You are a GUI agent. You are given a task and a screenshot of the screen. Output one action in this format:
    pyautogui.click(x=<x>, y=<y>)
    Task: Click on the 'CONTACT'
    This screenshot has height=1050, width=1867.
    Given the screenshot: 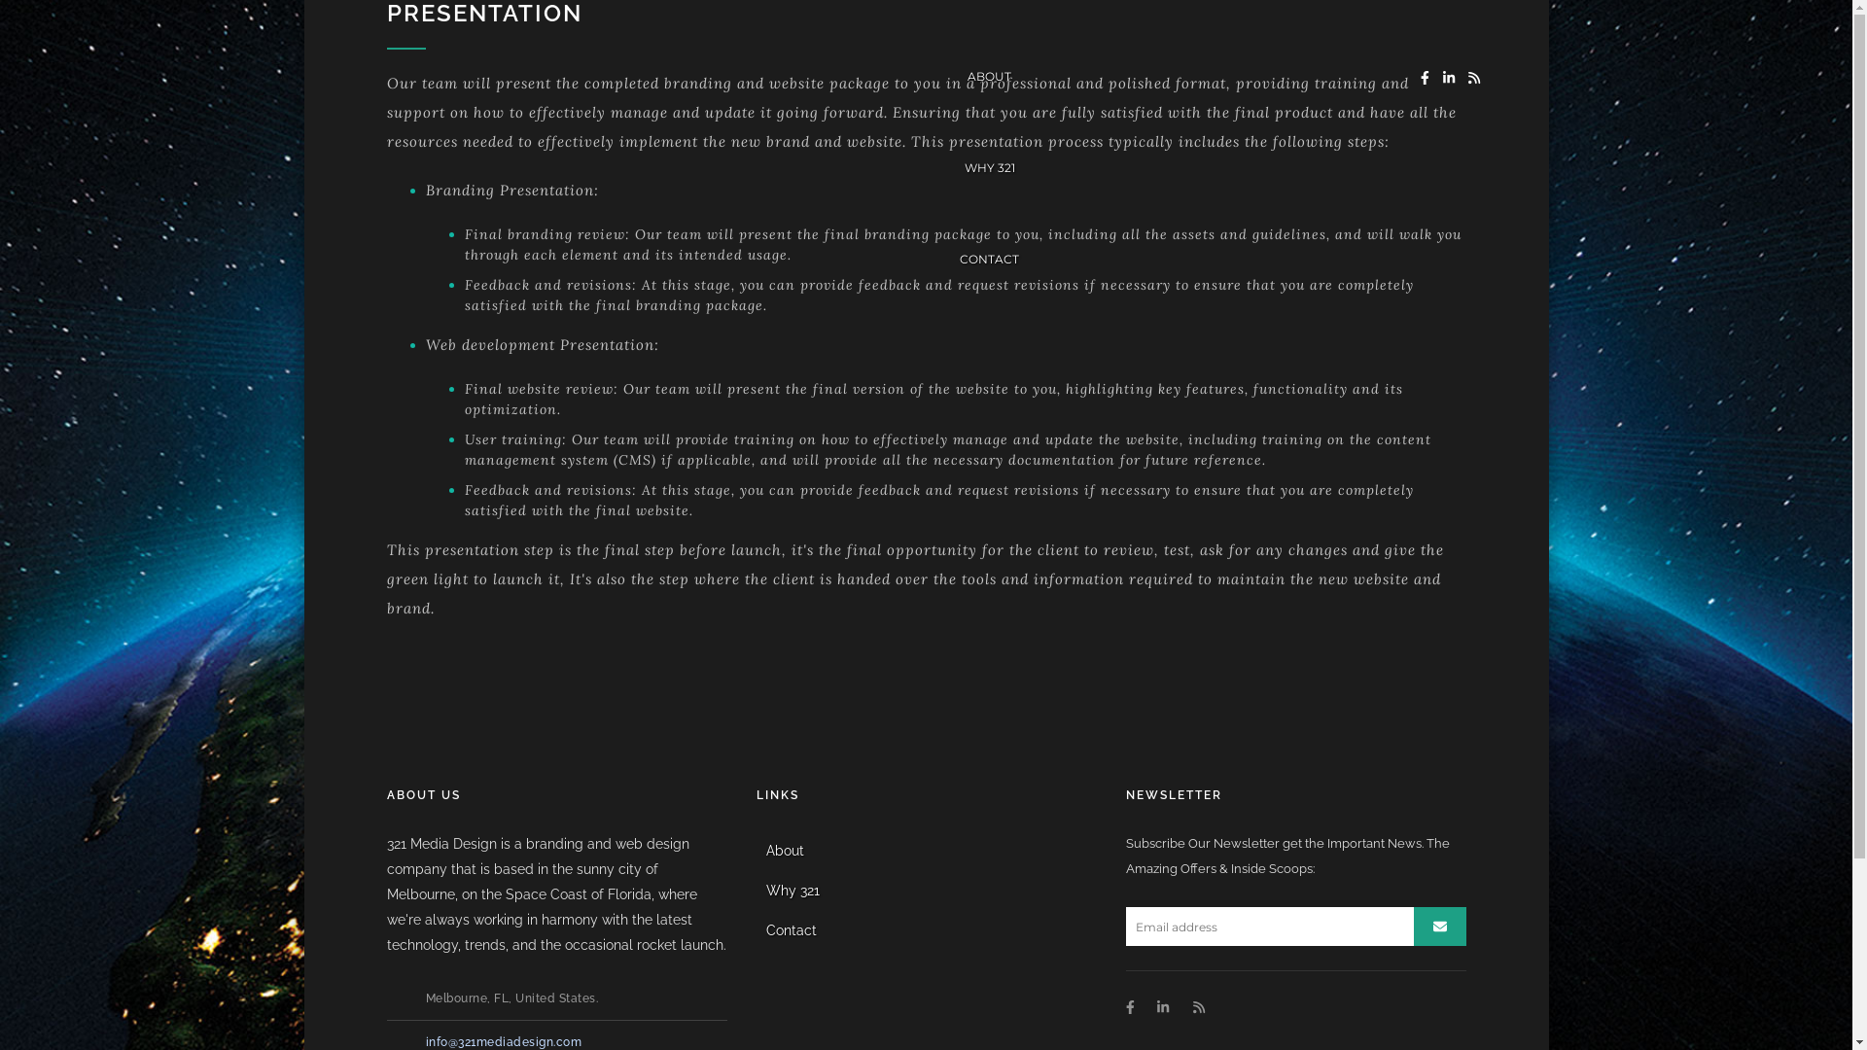 What is the action you would take?
    pyautogui.click(x=989, y=257)
    